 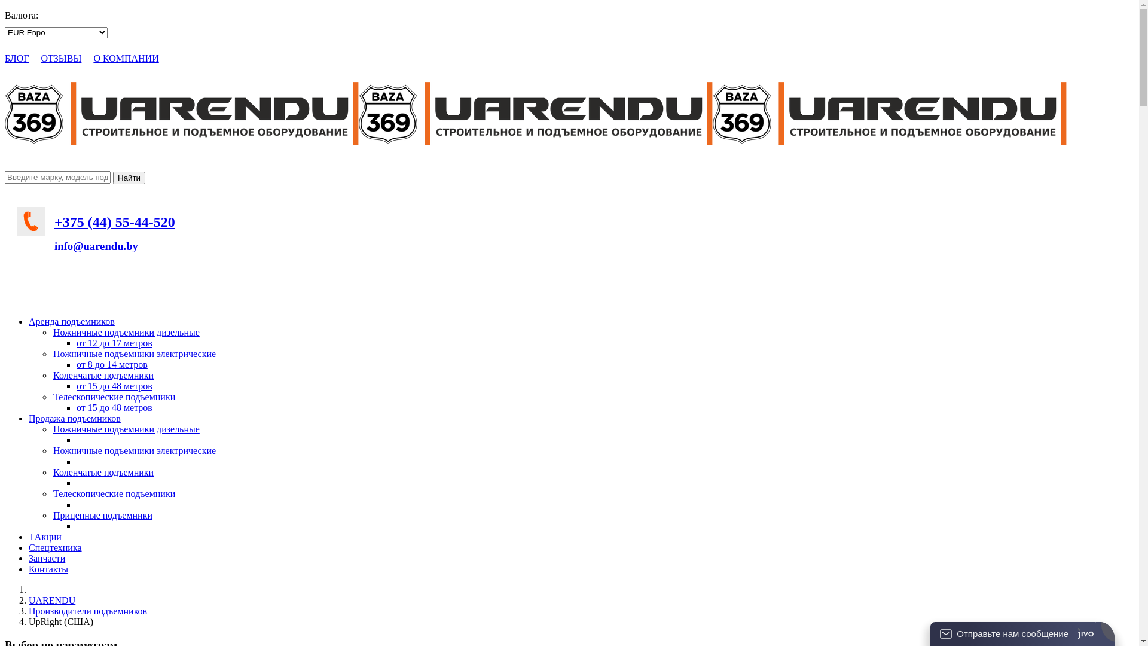 What do you see at coordinates (115, 221) in the screenshot?
I see `'+375 (44) 55-44-520'` at bounding box center [115, 221].